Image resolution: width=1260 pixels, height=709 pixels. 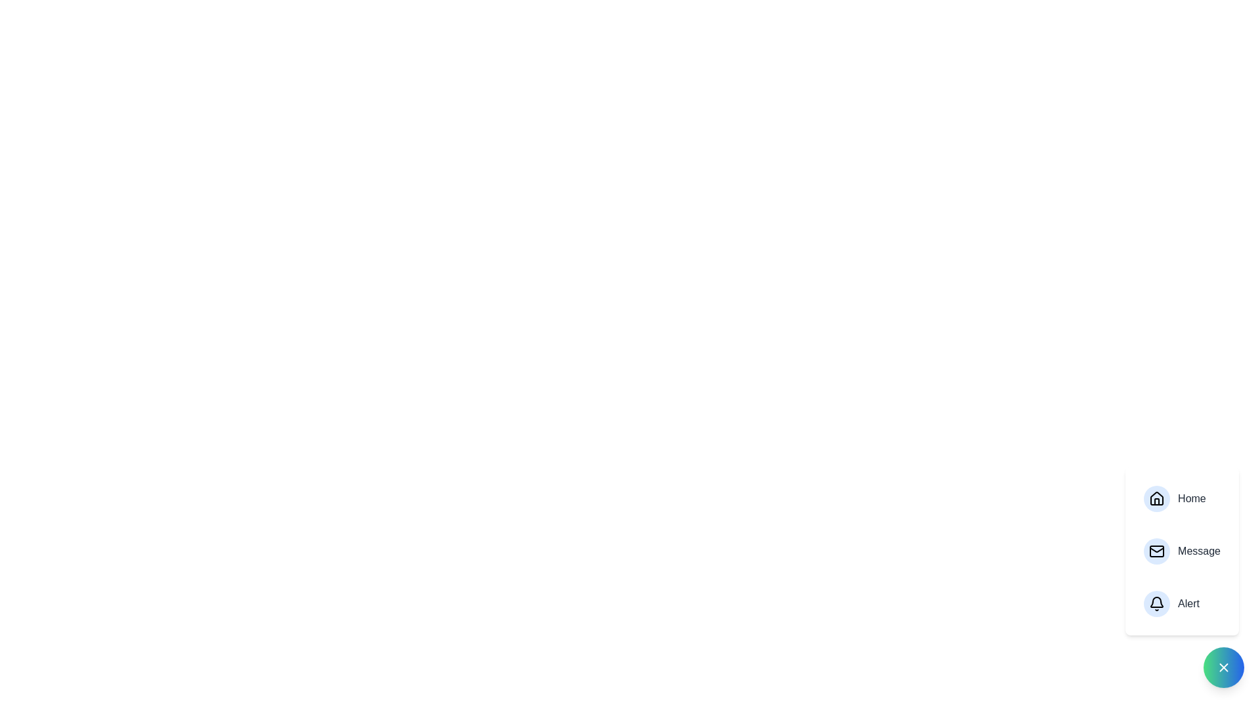 I want to click on the floating action button to toggle the menu, so click(x=1223, y=668).